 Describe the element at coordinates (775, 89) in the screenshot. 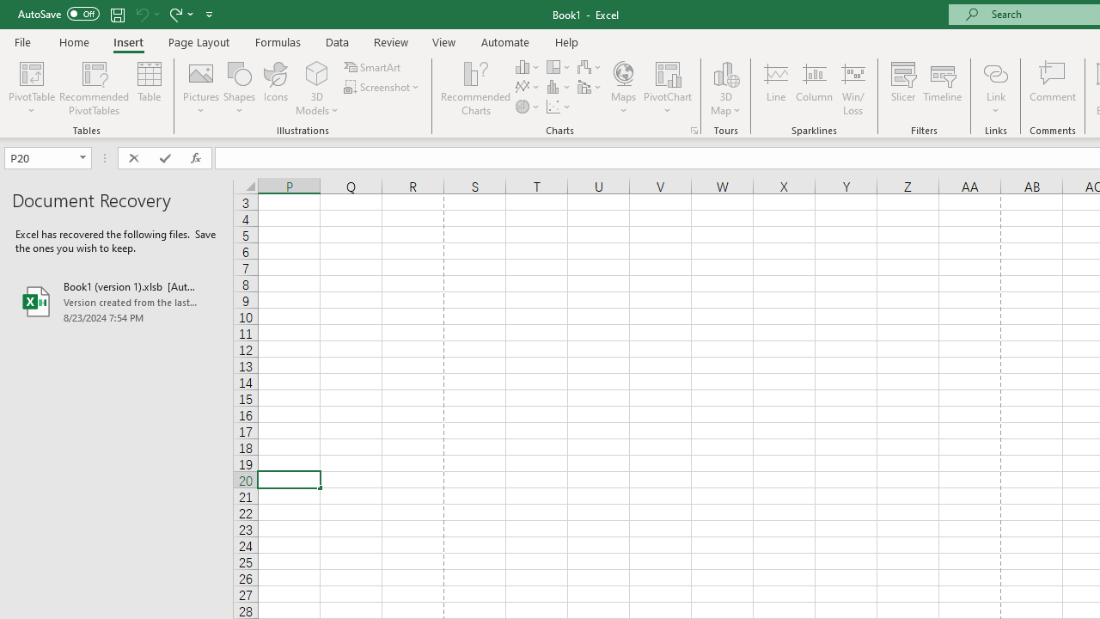

I see `'Line'` at that location.